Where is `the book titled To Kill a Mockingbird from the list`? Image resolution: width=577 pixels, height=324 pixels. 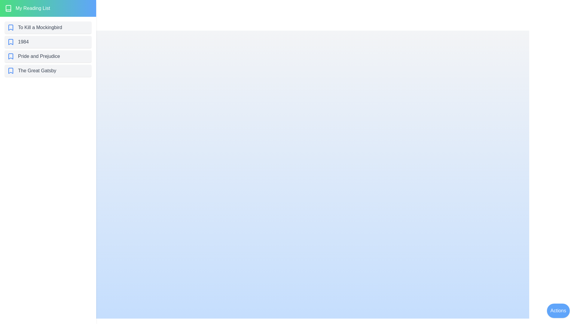 the book titled To Kill a Mockingbird from the list is located at coordinates (47, 28).